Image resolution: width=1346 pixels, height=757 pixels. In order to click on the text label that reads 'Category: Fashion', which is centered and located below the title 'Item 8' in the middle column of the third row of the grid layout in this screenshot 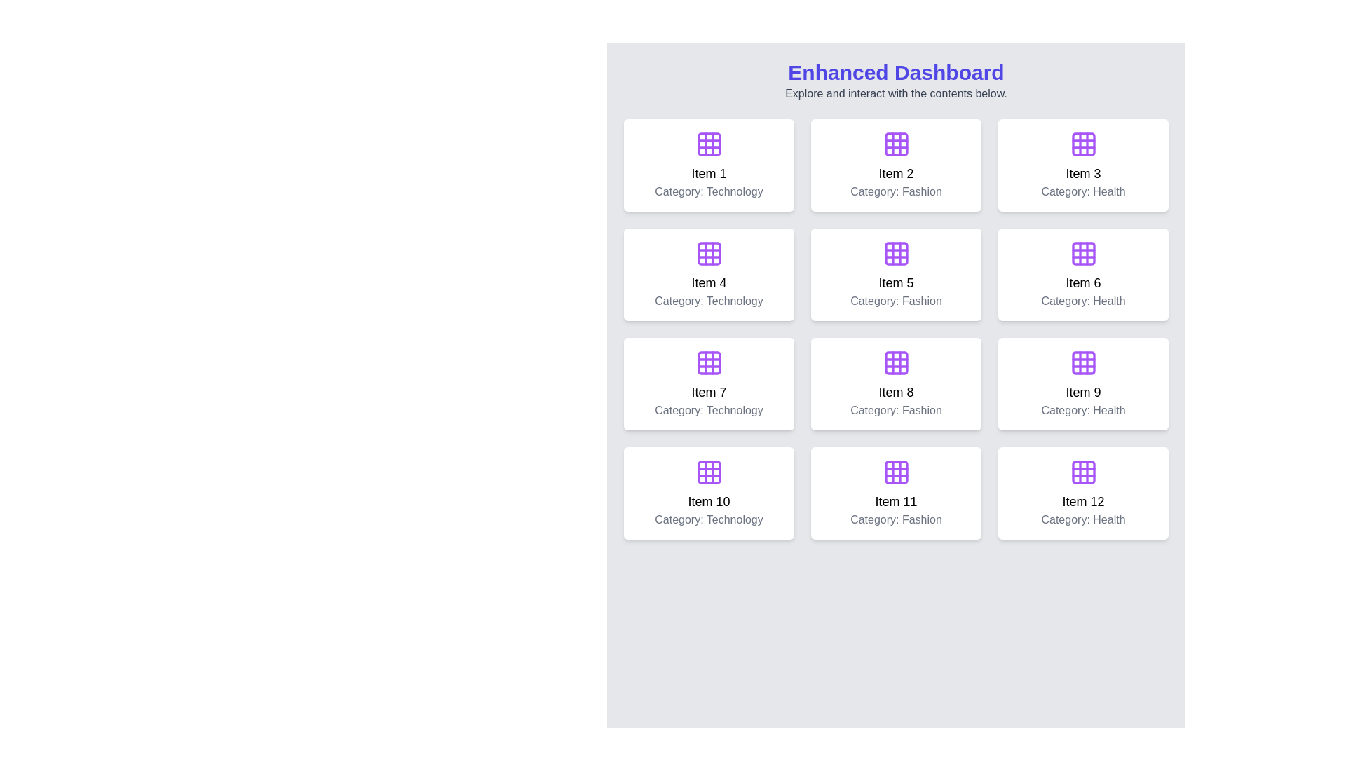, I will do `click(895, 410)`.